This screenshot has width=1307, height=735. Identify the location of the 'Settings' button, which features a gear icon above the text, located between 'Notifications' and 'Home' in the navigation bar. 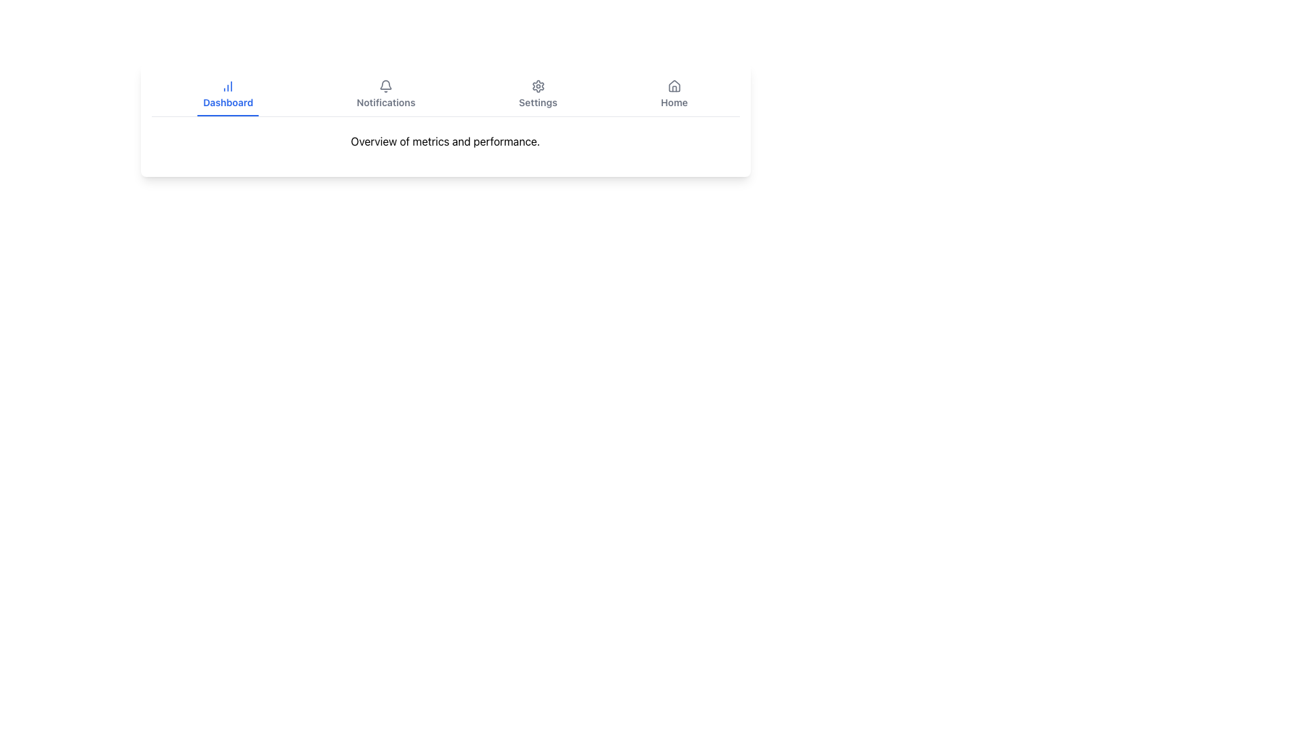
(537, 94).